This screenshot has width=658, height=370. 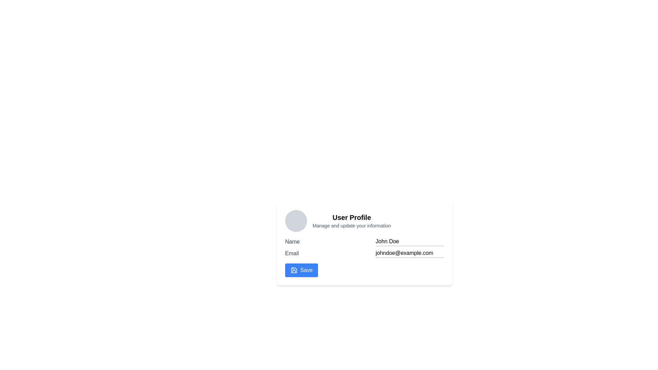 I want to click on the static text element that provides additional descriptive context about the 'User Profile' section, which is located directly below the 'User Profile' sibling element, so click(x=352, y=226).